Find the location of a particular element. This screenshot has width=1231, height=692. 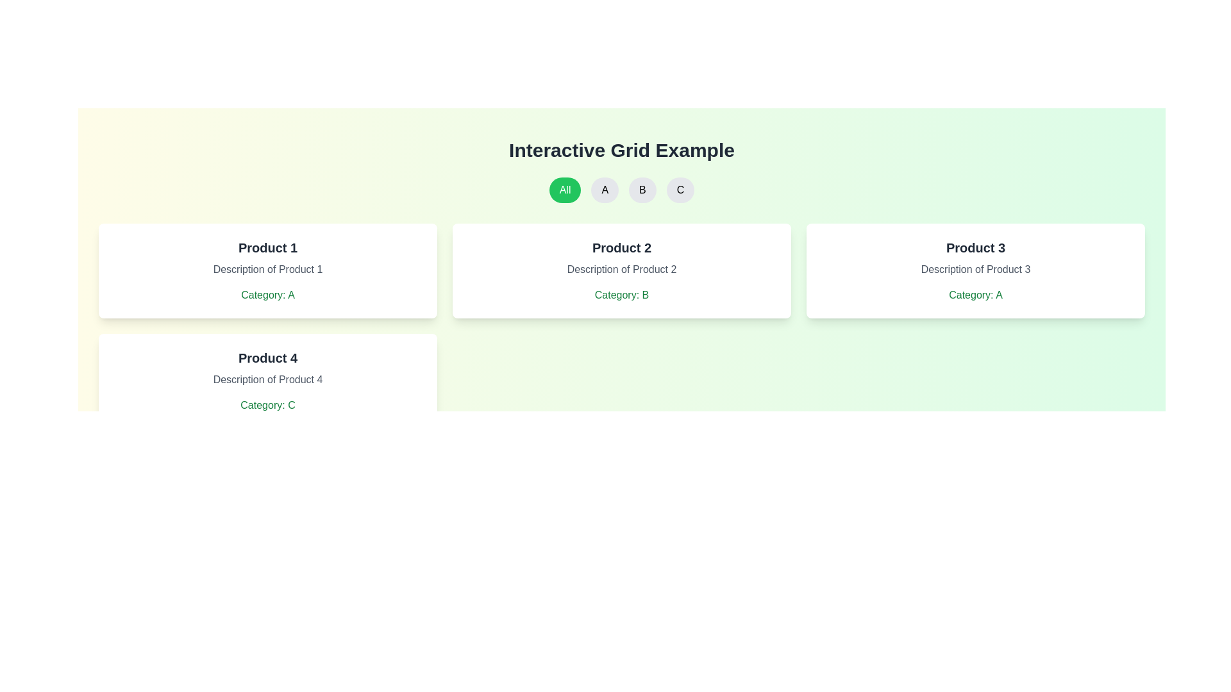

the category filter button for category 'A', which is the second button in a series of four, located between the 'All' button and the 'B' button, directly beneath the heading 'Interactive Grid Example' is located at coordinates (604, 190).